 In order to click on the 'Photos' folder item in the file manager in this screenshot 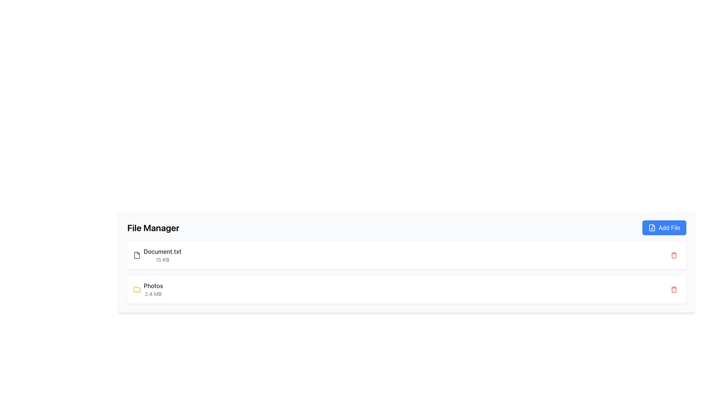, I will do `click(153, 289)`.